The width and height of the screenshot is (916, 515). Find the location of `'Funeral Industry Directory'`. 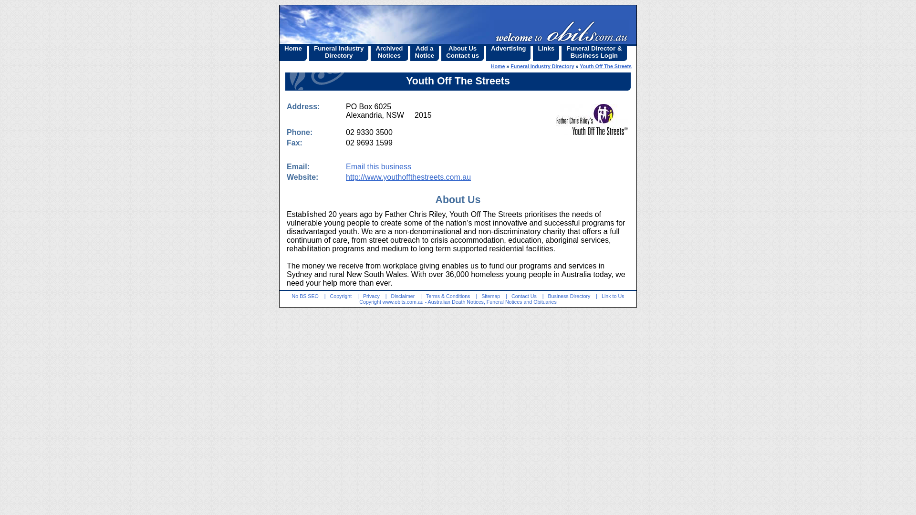

'Funeral Industry Directory' is located at coordinates (542, 65).